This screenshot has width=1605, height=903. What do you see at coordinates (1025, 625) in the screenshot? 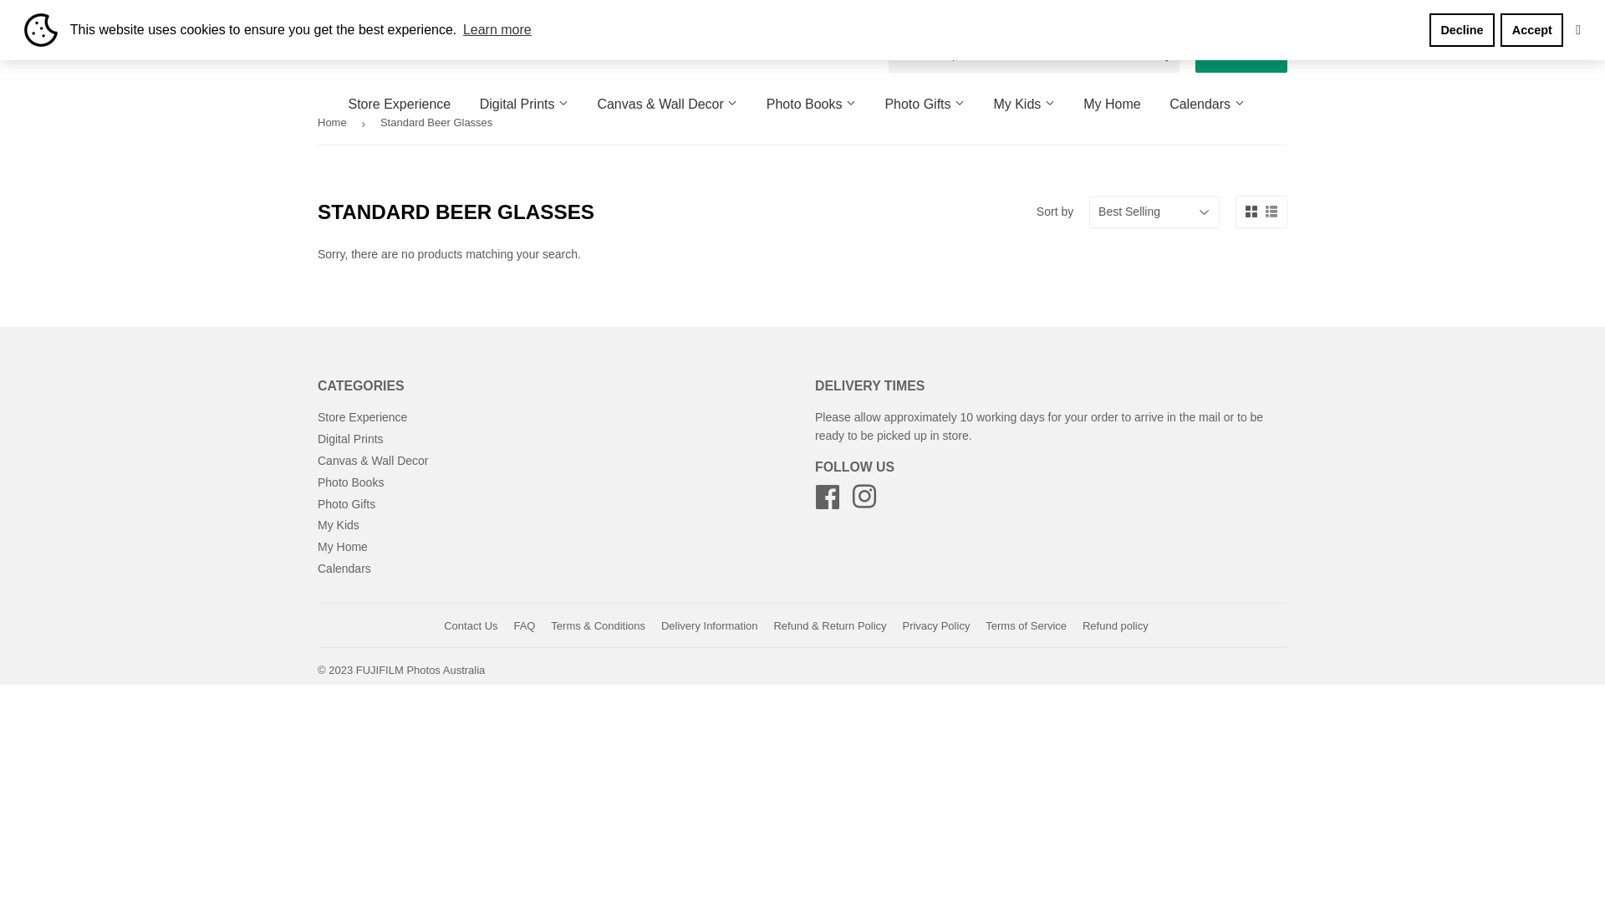
I see `'Terms of Service'` at bounding box center [1025, 625].